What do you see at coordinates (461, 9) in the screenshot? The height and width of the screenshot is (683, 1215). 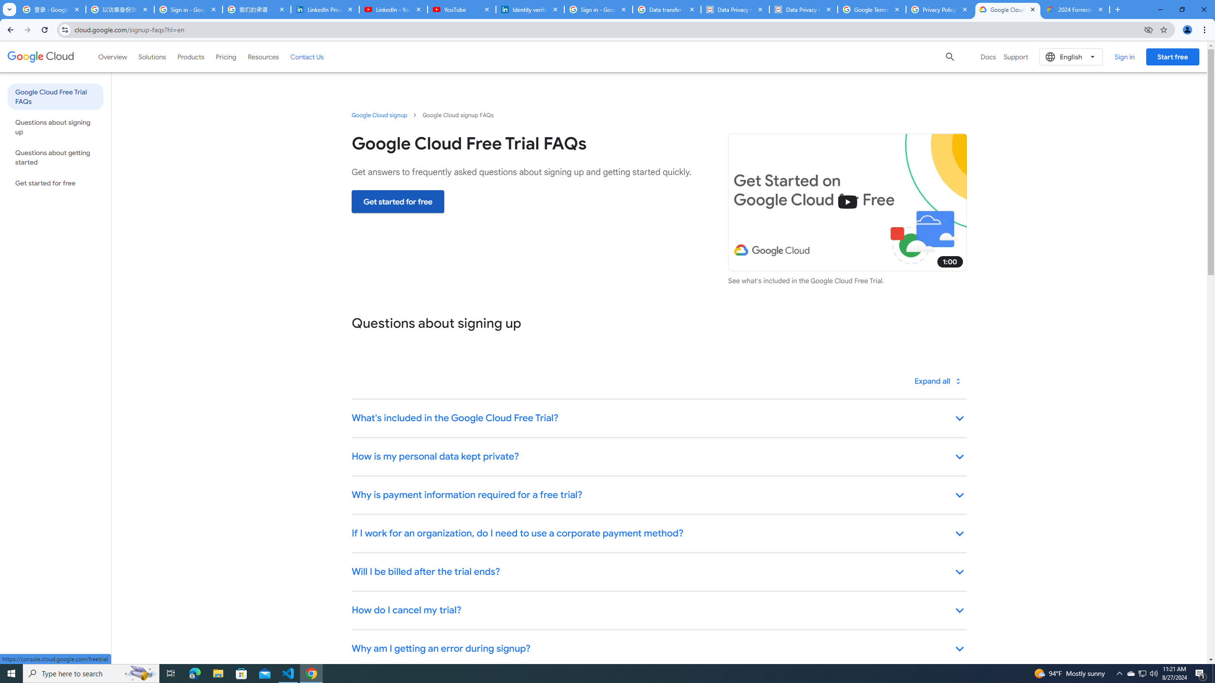 I see `'YouTube'` at bounding box center [461, 9].